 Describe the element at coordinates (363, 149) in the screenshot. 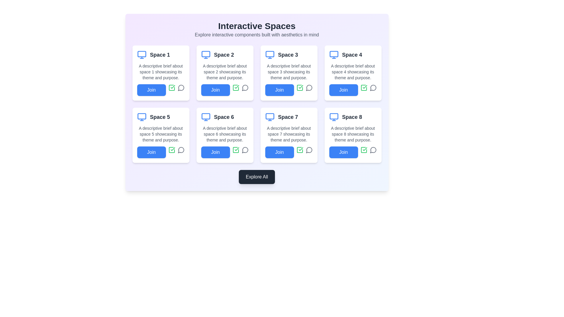

I see `the visual confirmation icon located in the bottom-right corner of the 'Space 8' card, positioned to the right of the blue 'Join' button and left of the gray comment icon` at that location.